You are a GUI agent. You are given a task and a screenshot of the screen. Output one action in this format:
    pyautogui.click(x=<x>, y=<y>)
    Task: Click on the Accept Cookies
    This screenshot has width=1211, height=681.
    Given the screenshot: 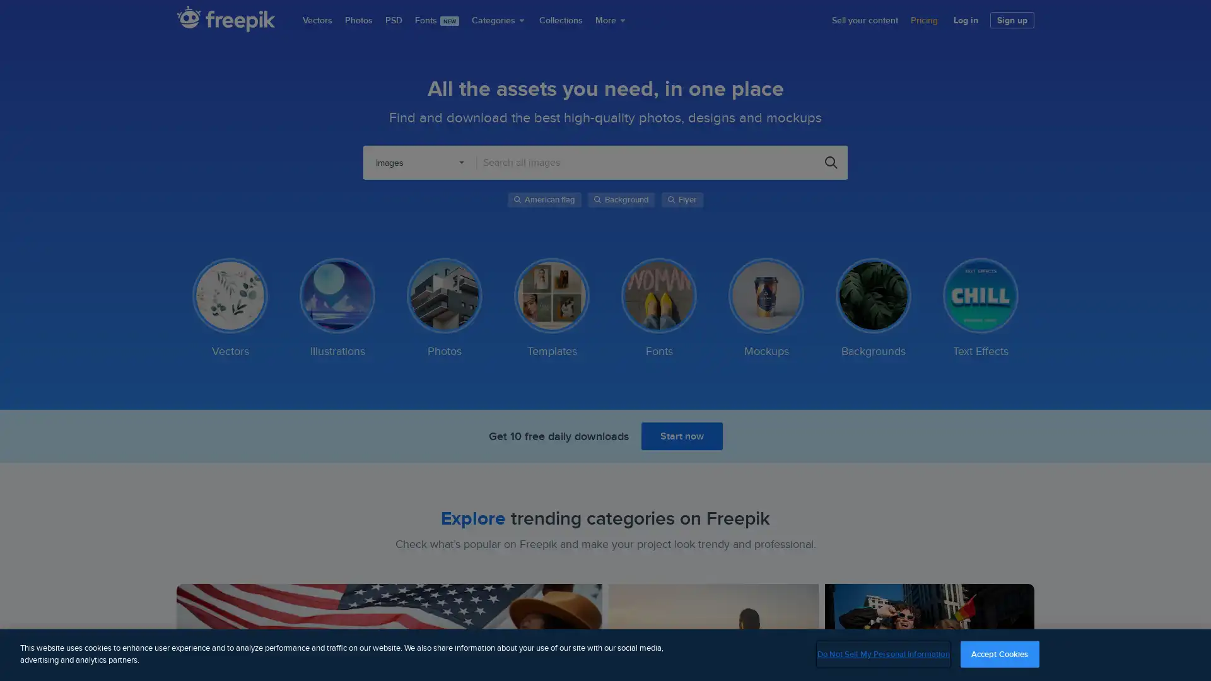 What is the action you would take?
    pyautogui.click(x=998, y=653)
    